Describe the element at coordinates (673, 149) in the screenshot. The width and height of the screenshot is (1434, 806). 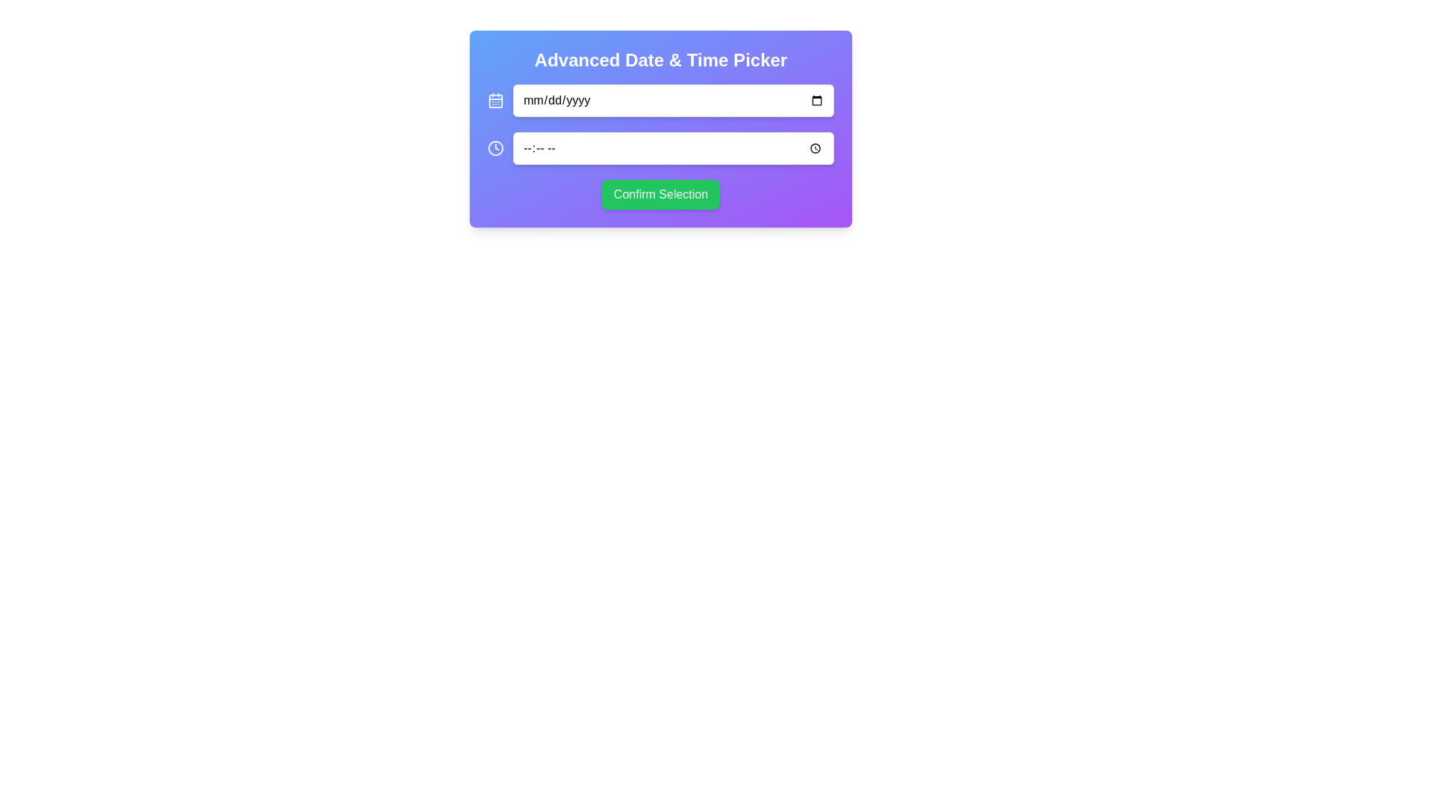
I see `the time picker associated with the time input field that is styled as a box with rounded corners and a shadow, located below the date input field` at that location.